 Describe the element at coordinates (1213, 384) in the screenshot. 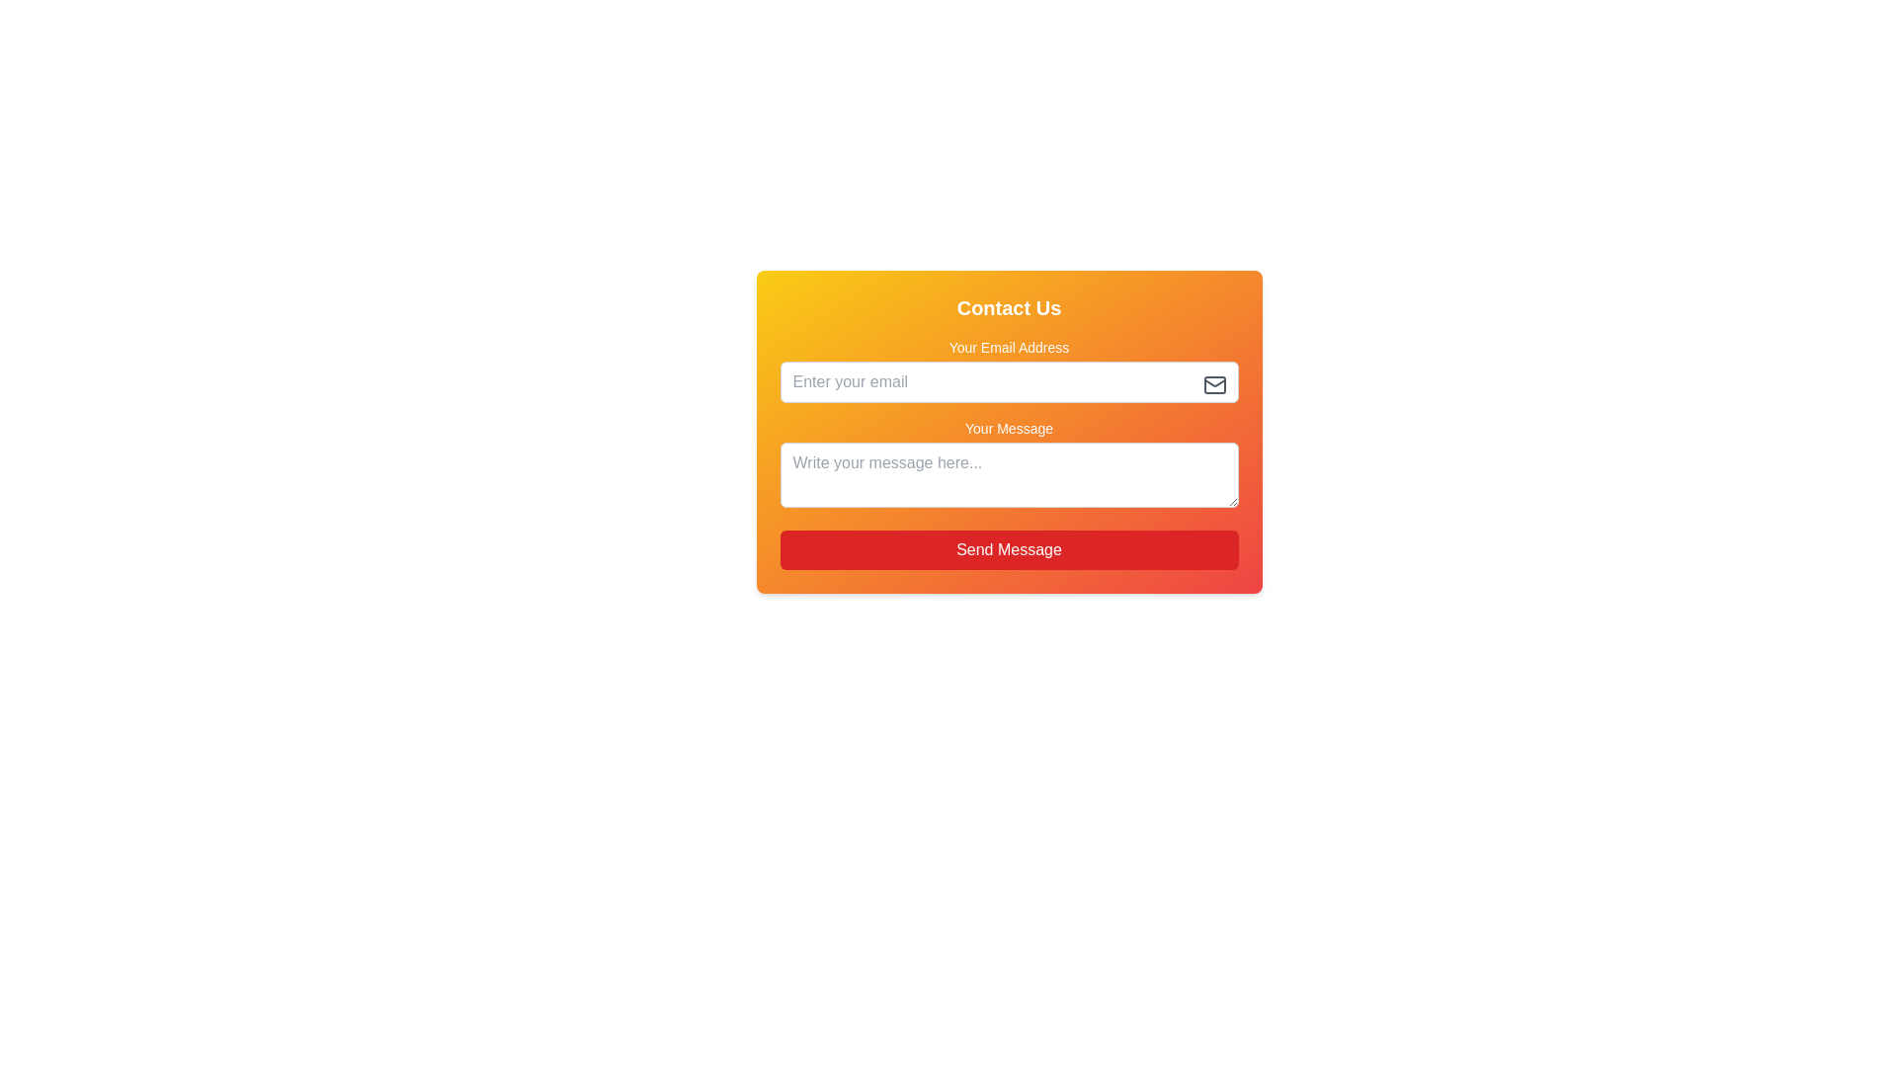

I see `the envelope icon located to the right of the 'Your Email Address' input field, which features a minimalist line-art design` at that location.